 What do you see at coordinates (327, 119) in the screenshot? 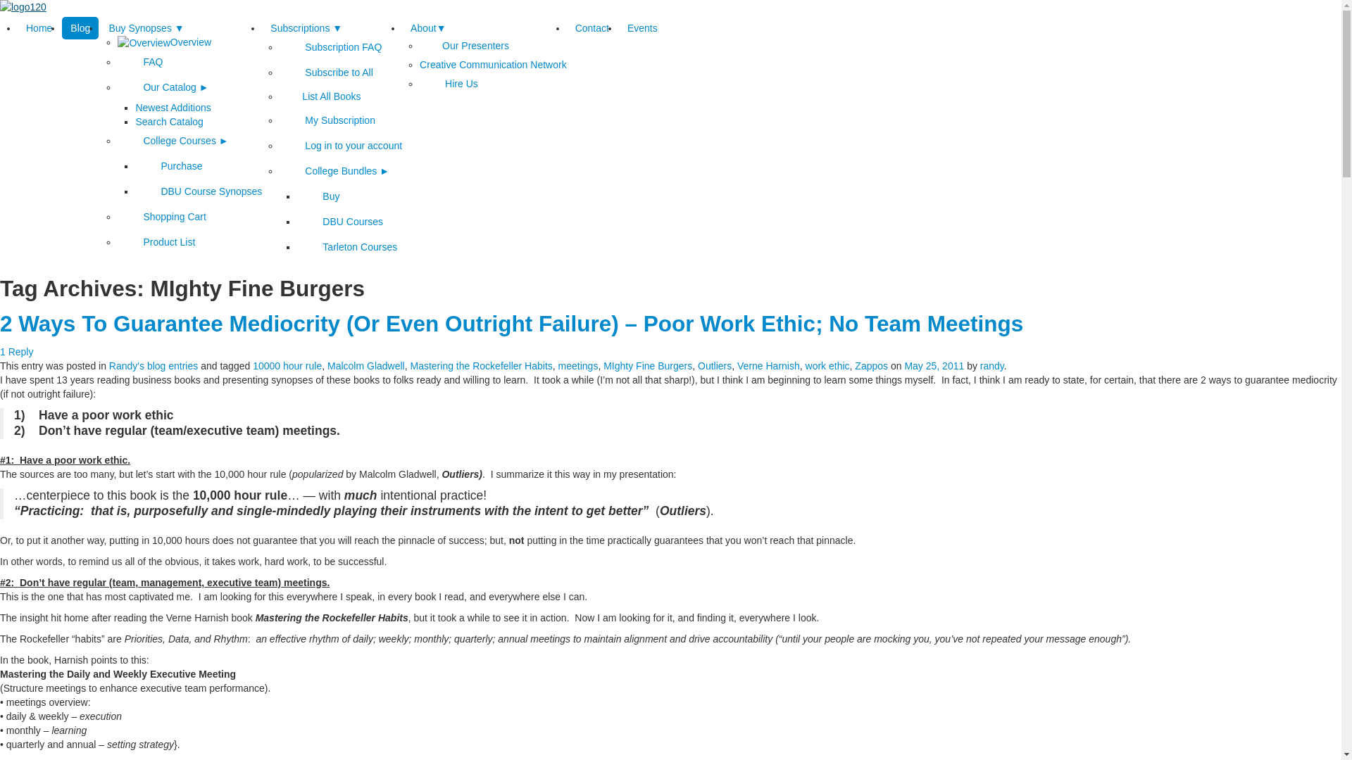
I see `'My Subscription'` at bounding box center [327, 119].